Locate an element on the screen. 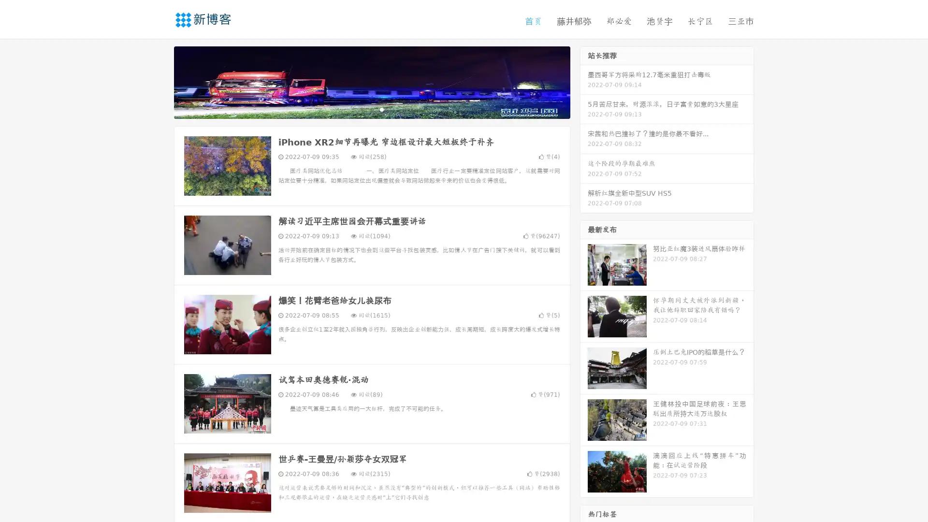  Go to slide 2 is located at coordinates (371, 109).